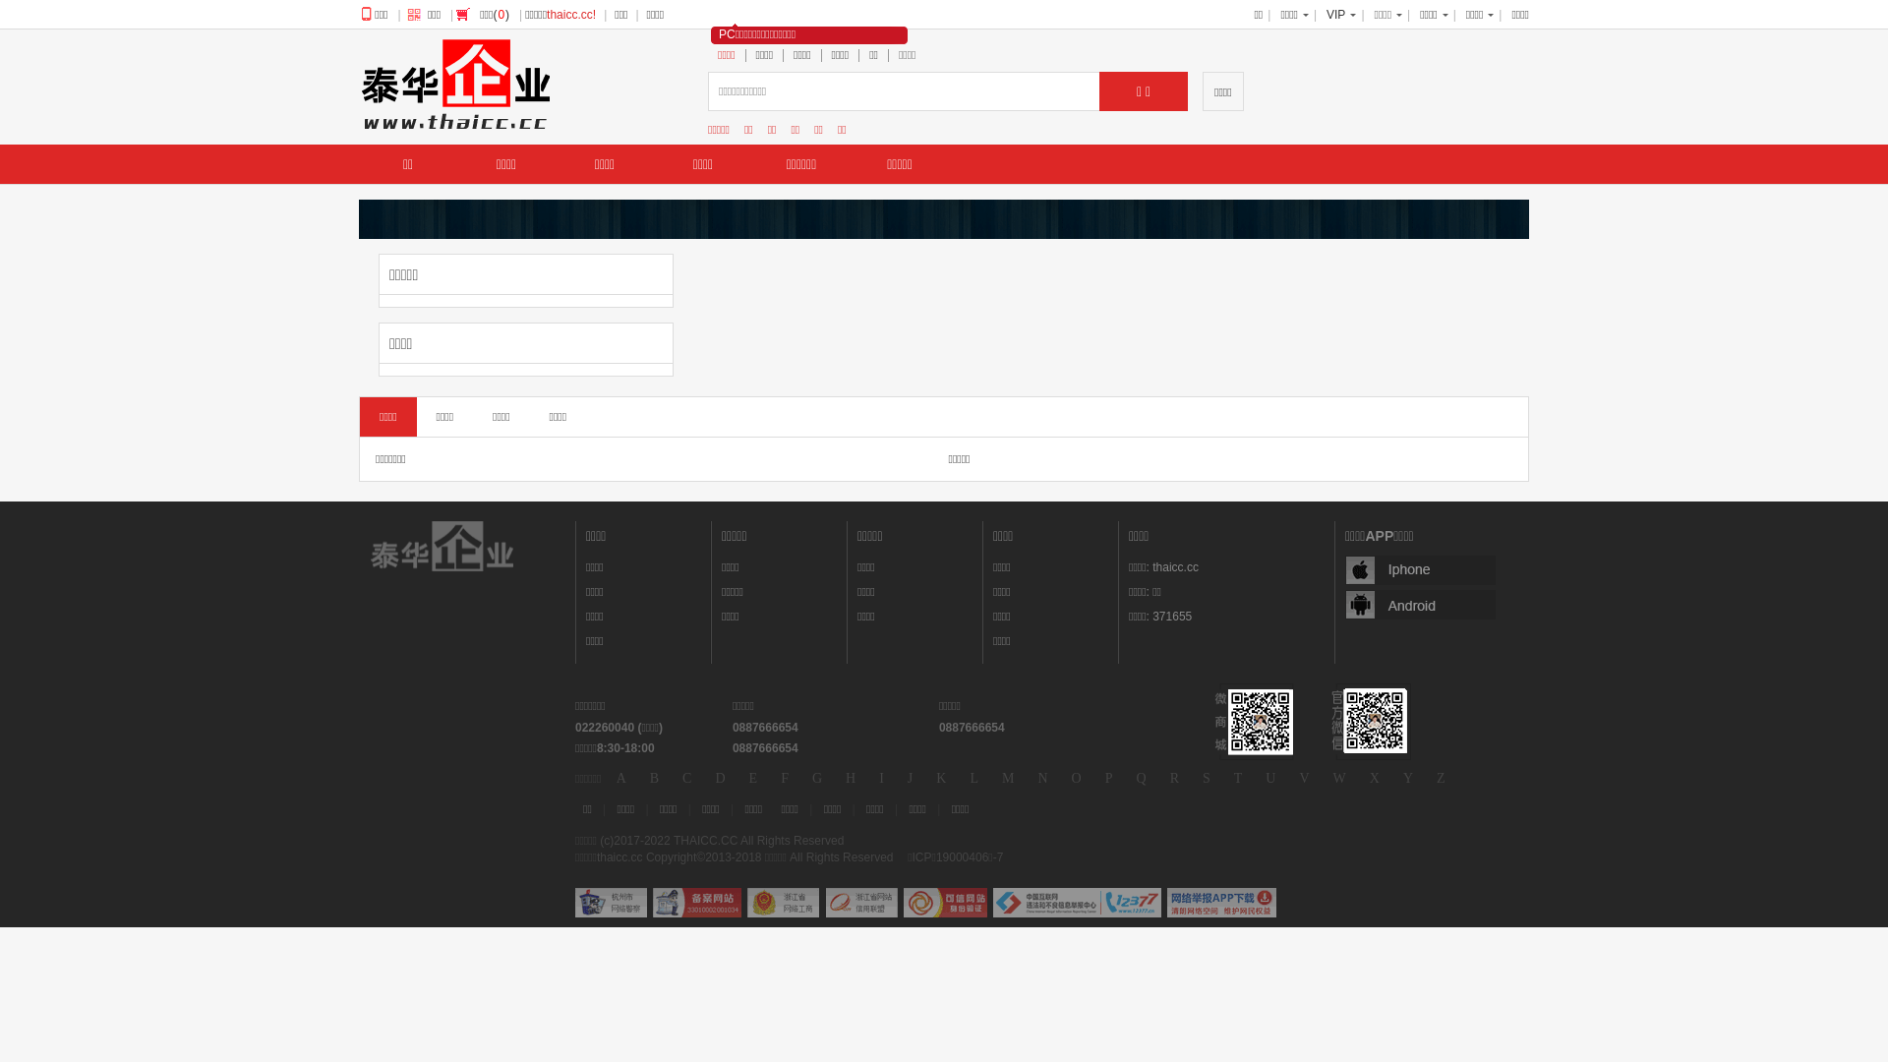  What do you see at coordinates (783, 777) in the screenshot?
I see `'F'` at bounding box center [783, 777].